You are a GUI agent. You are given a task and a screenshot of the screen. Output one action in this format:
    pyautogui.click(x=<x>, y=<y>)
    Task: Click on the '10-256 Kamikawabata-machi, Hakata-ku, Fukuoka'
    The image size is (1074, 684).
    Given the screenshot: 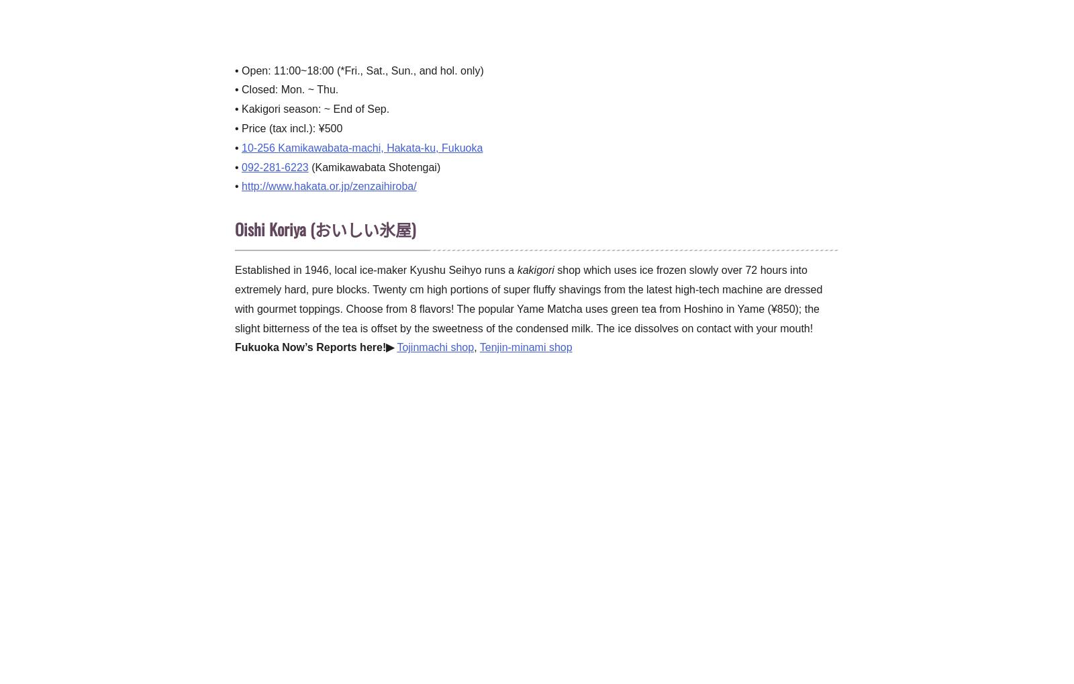 What is the action you would take?
    pyautogui.click(x=361, y=146)
    